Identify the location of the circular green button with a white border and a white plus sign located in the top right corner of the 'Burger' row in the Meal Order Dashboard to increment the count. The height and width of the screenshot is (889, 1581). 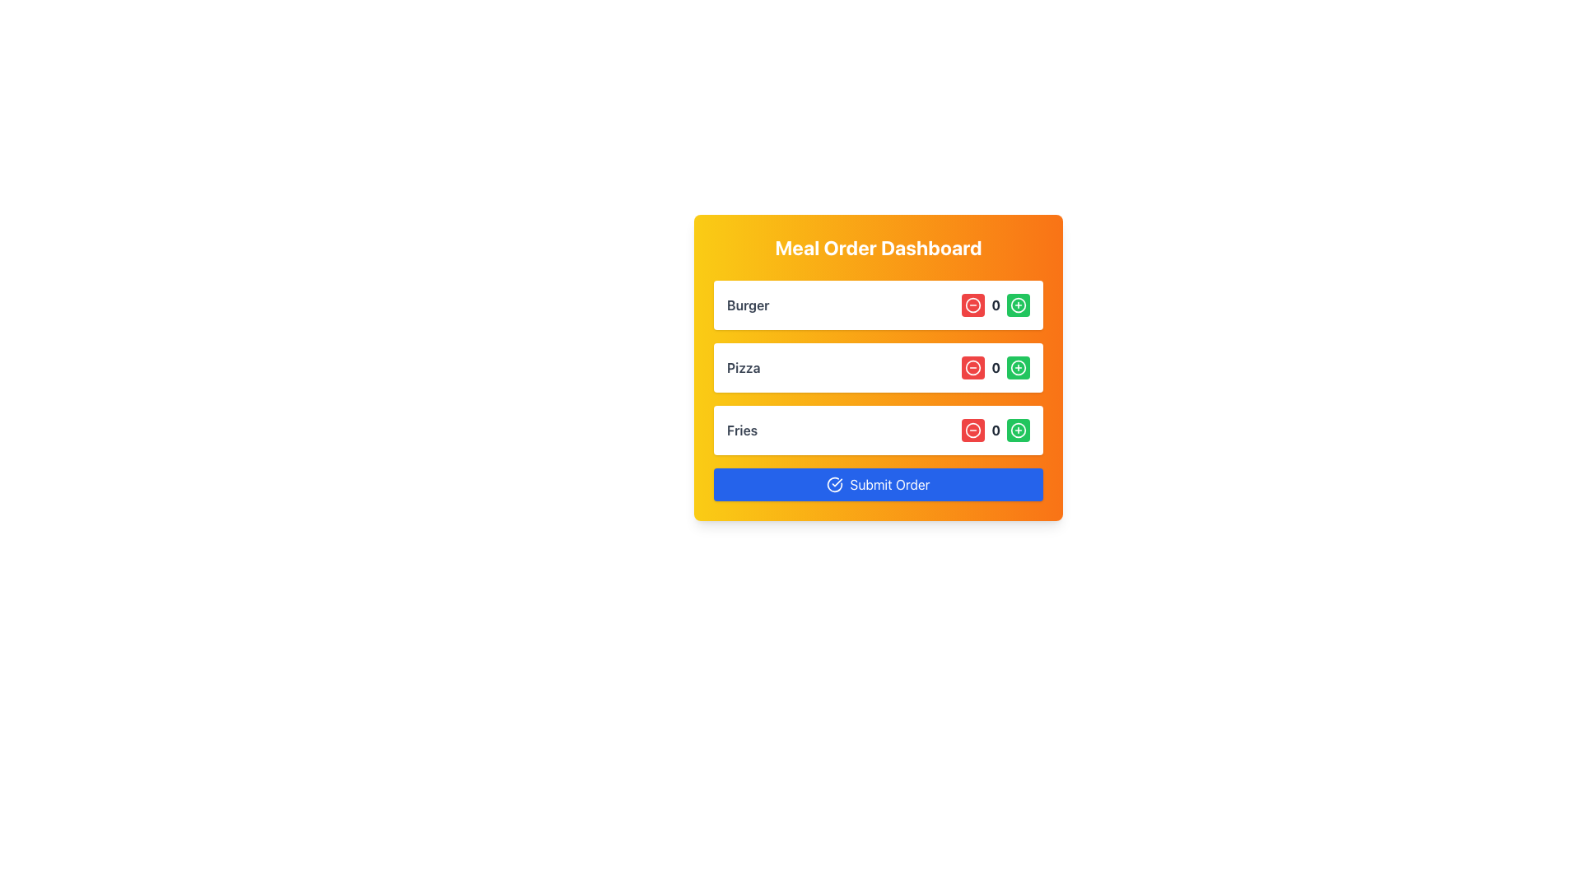
(1018, 305).